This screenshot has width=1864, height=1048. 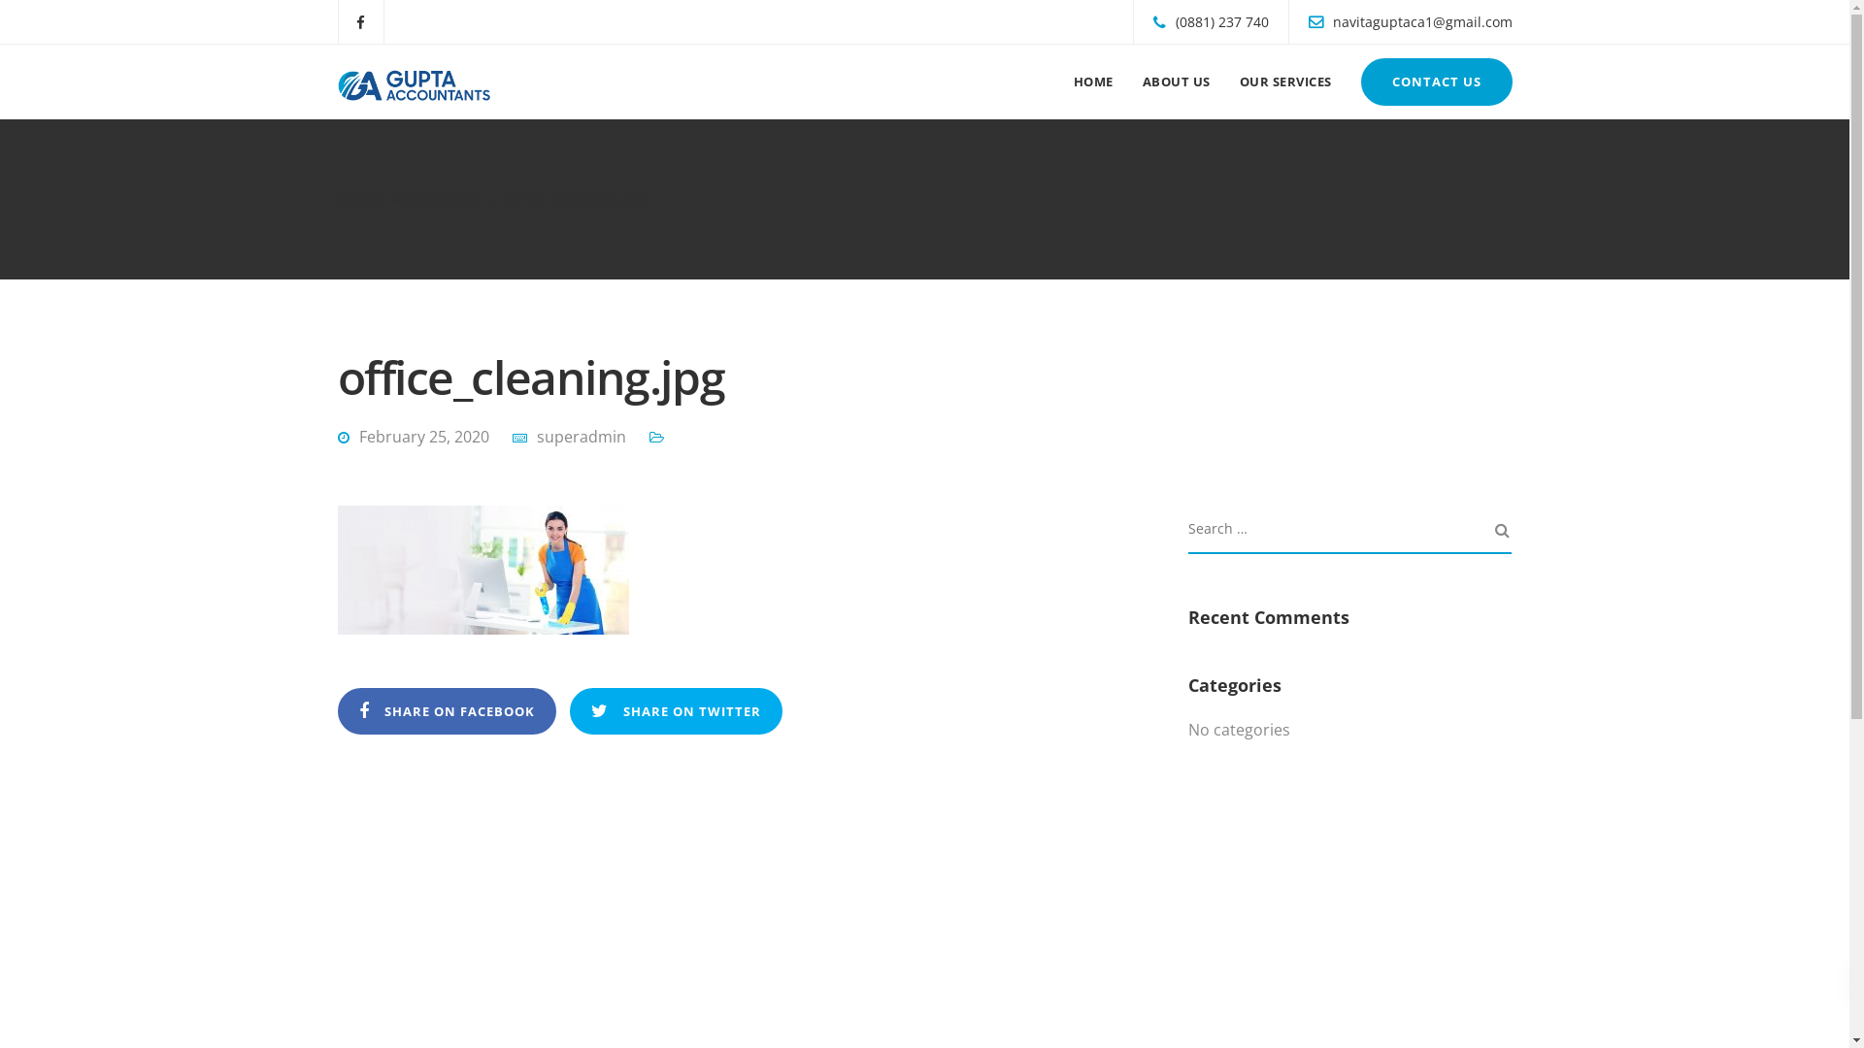 I want to click on '(0881) 237 740', so click(x=1173, y=21).